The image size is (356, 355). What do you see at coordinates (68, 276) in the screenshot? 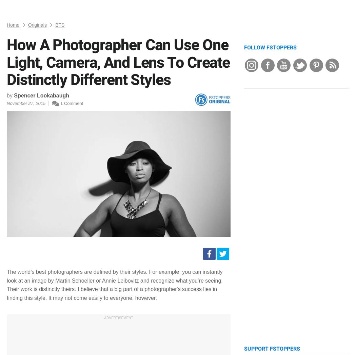
I see `'January 28, 2014'` at bounding box center [68, 276].